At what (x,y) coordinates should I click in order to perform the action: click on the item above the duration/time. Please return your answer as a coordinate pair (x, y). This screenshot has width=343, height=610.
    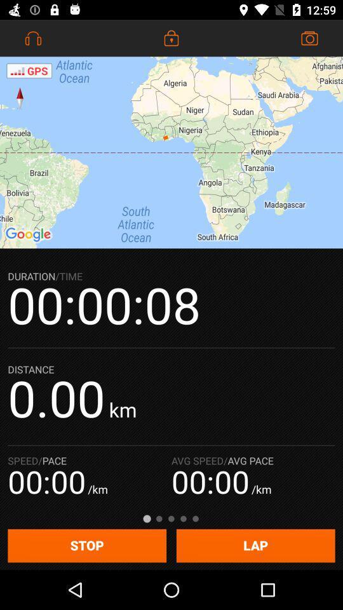
    Looking at the image, I should click on (171, 152).